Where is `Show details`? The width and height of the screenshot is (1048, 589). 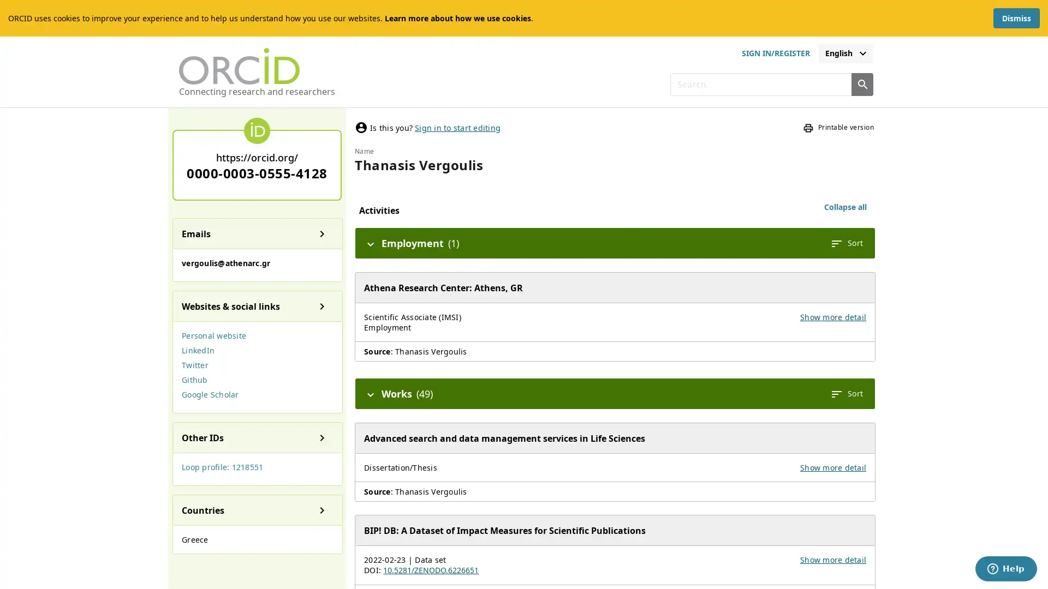
Show details is located at coordinates (321, 509).